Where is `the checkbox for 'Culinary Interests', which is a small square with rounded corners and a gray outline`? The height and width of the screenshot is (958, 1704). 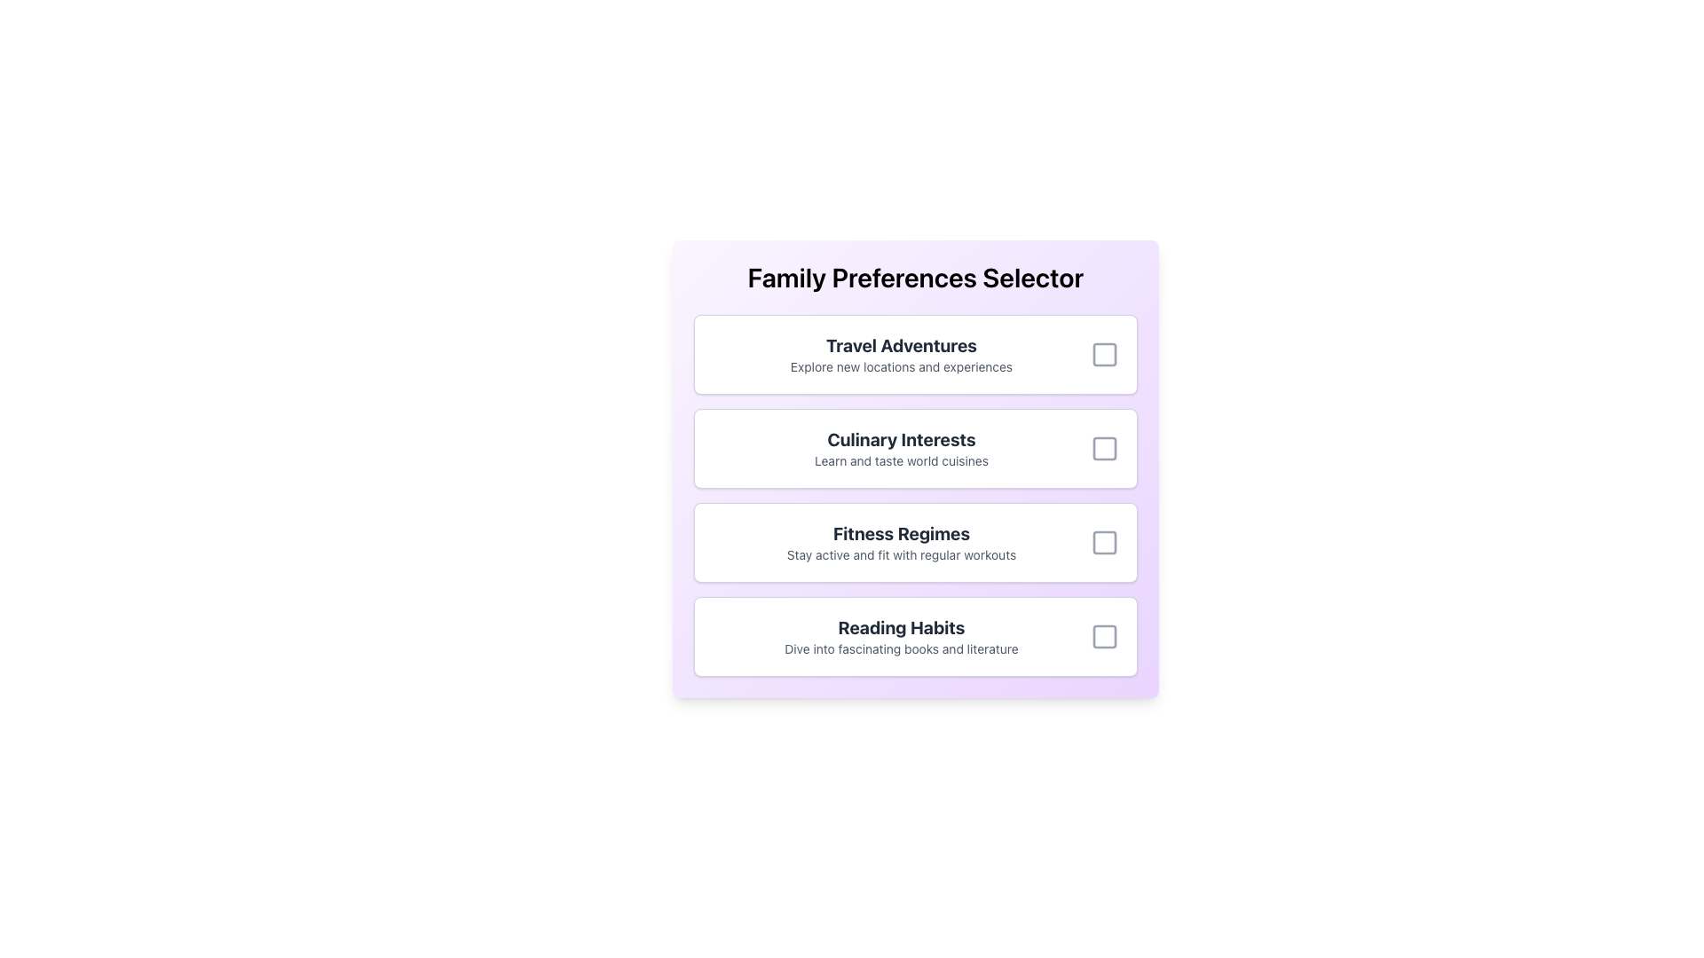 the checkbox for 'Culinary Interests', which is a small square with rounded corners and a gray outline is located at coordinates (1103, 447).